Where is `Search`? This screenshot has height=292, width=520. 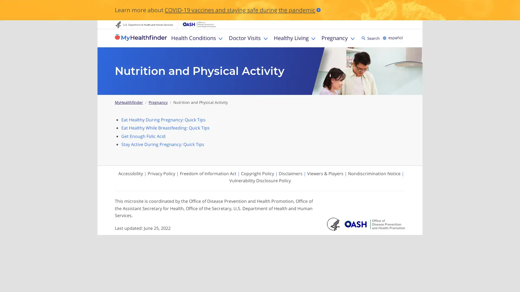
Search is located at coordinates (371, 38).